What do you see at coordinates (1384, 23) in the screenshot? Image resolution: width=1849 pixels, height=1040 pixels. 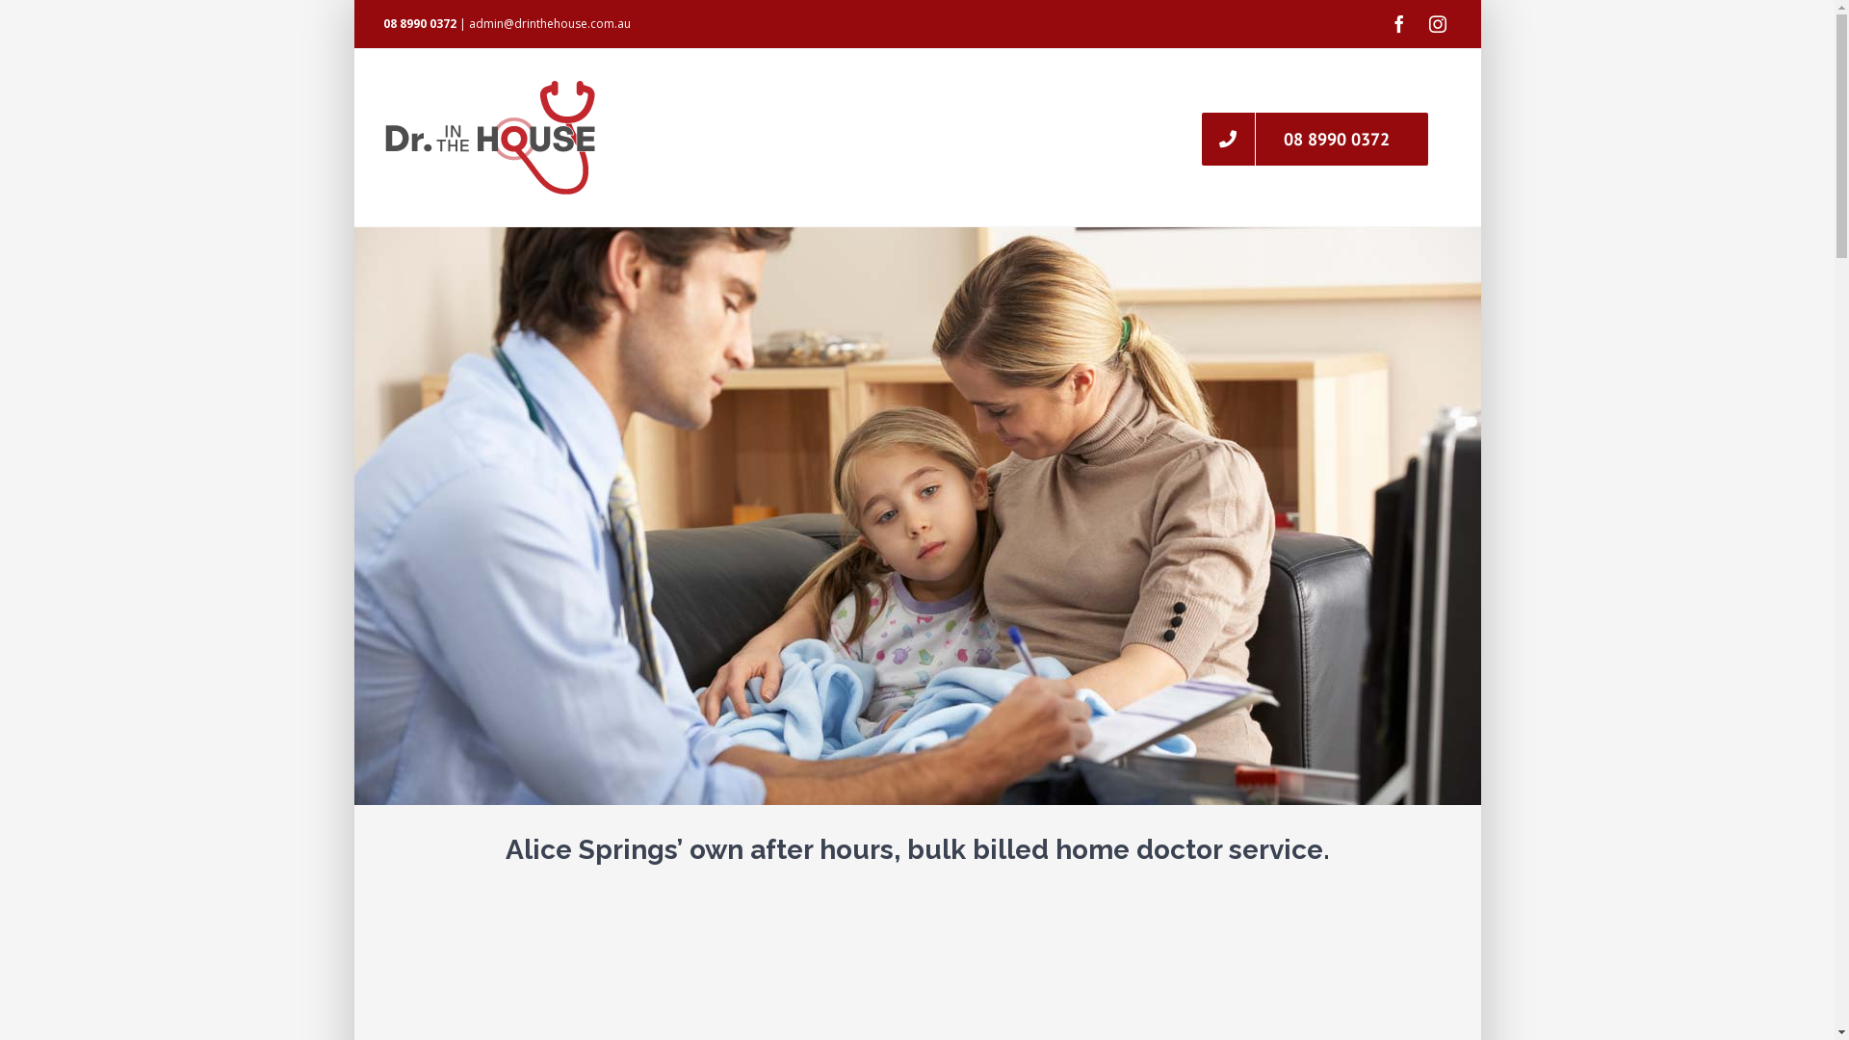 I see `'Facebook'` at bounding box center [1384, 23].